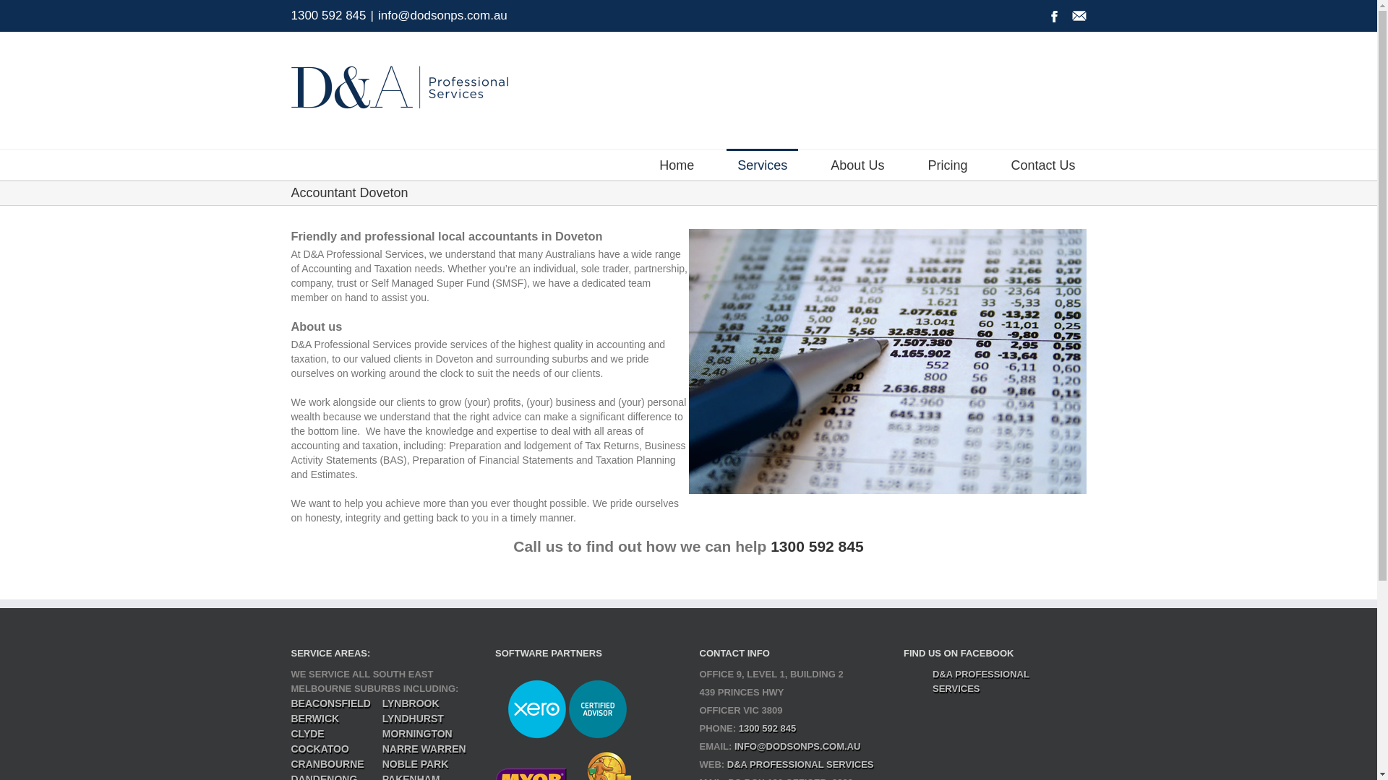 This screenshot has height=780, width=1388. I want to click on 'MORNINGTON', so click(416, 733).